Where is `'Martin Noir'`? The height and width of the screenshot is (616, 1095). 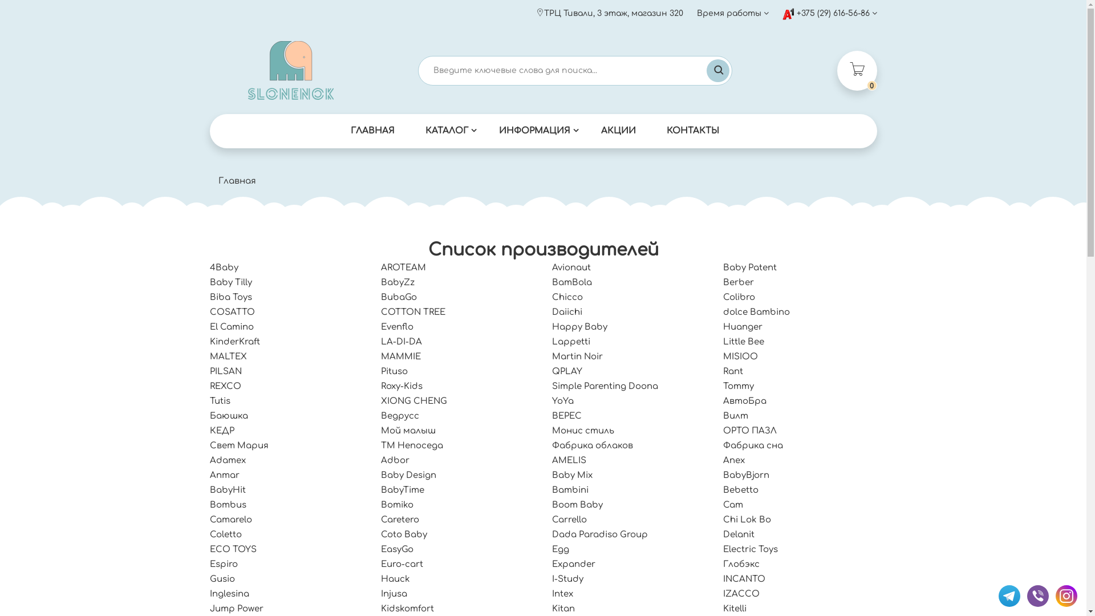 'Martin Noir' is located at coordinates (577, 356).